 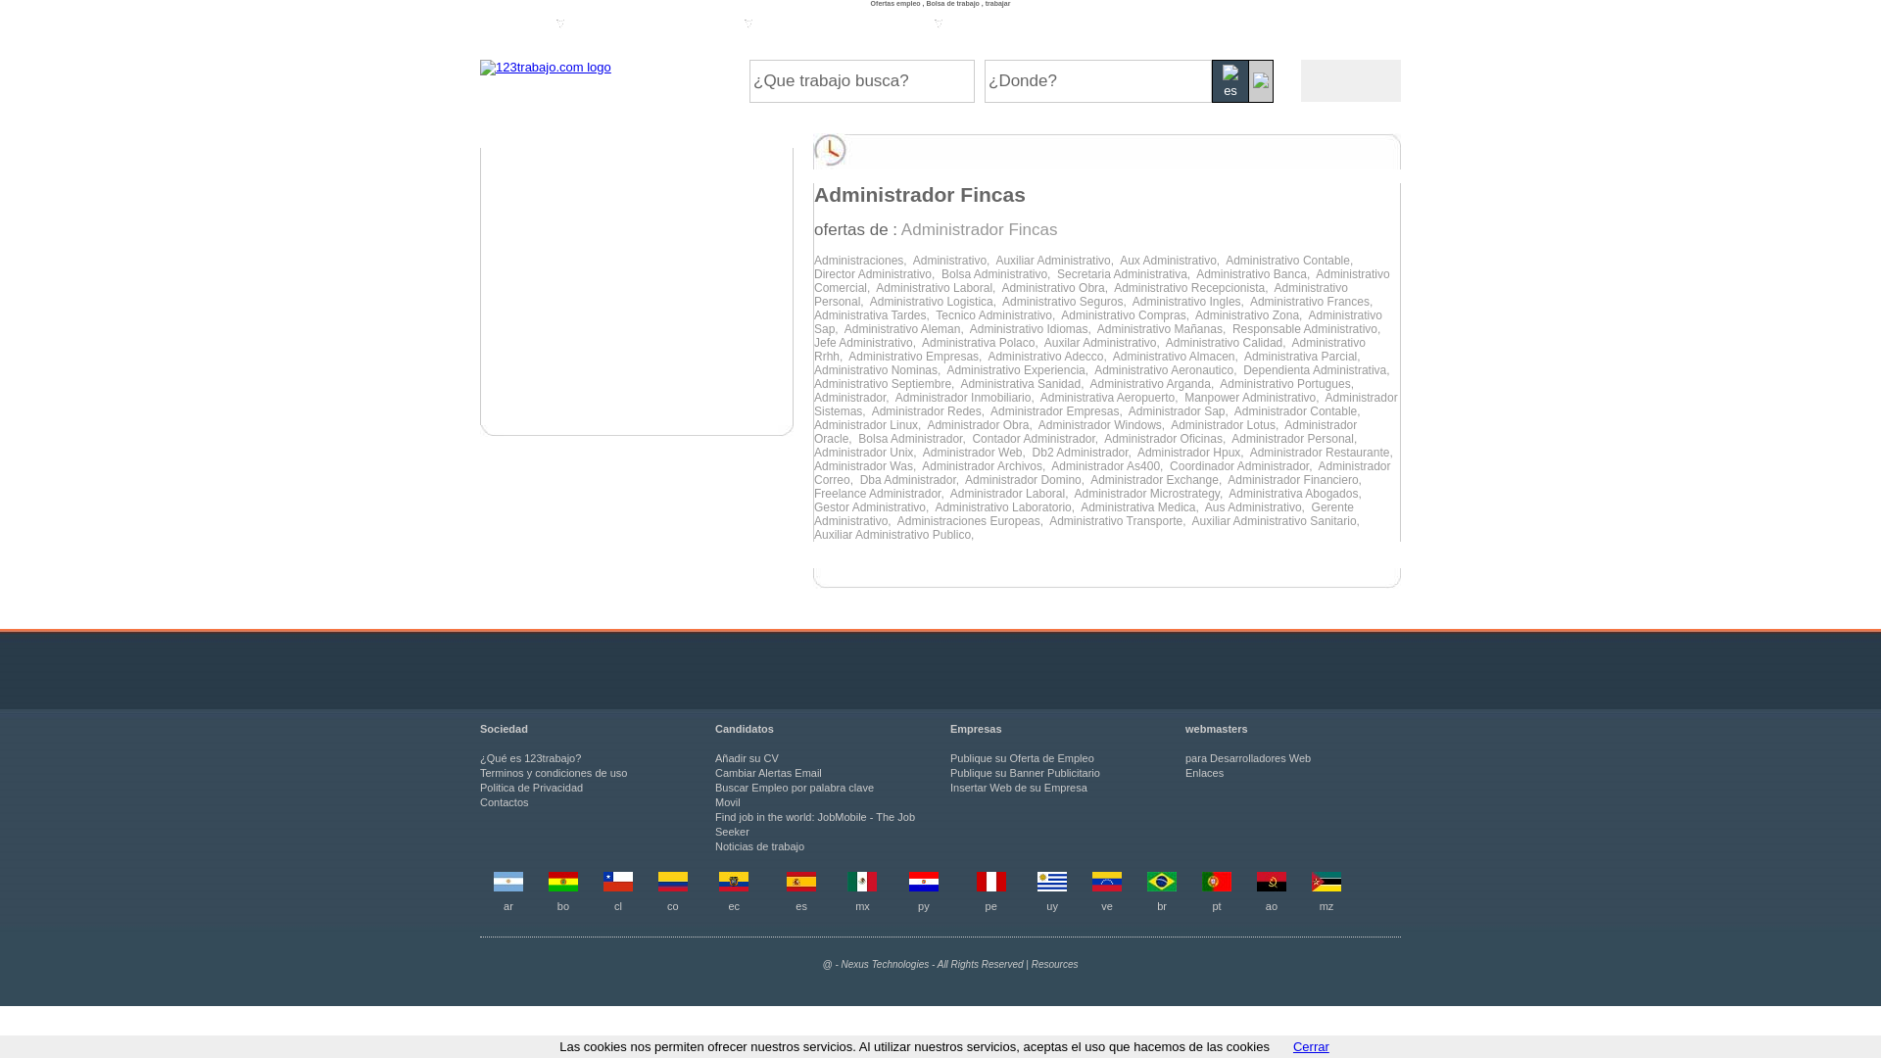 I want to click on 'Administrativo Obra, ', so click(x=1001, y=287).